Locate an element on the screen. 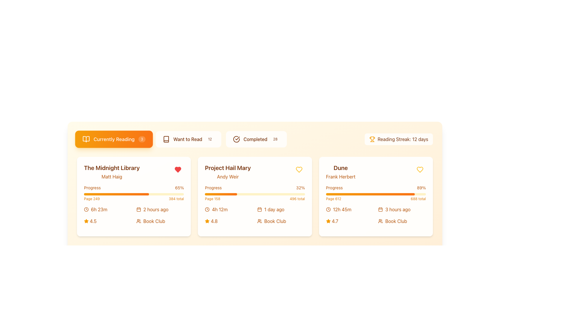 Image resolution: width=562 pixels, height=316 pixels. the orange icon representing two overlapping human silhouettes, located to the left of the 'Book Club' text label, within the user-related data section is located at coordinates (259, 221).